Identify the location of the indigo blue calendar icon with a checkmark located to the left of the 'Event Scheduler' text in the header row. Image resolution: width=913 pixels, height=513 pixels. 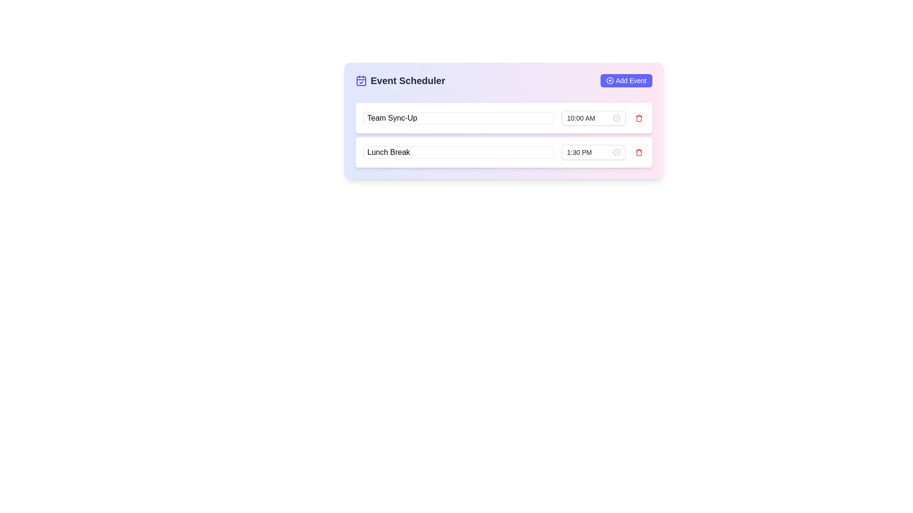
(360, 80).